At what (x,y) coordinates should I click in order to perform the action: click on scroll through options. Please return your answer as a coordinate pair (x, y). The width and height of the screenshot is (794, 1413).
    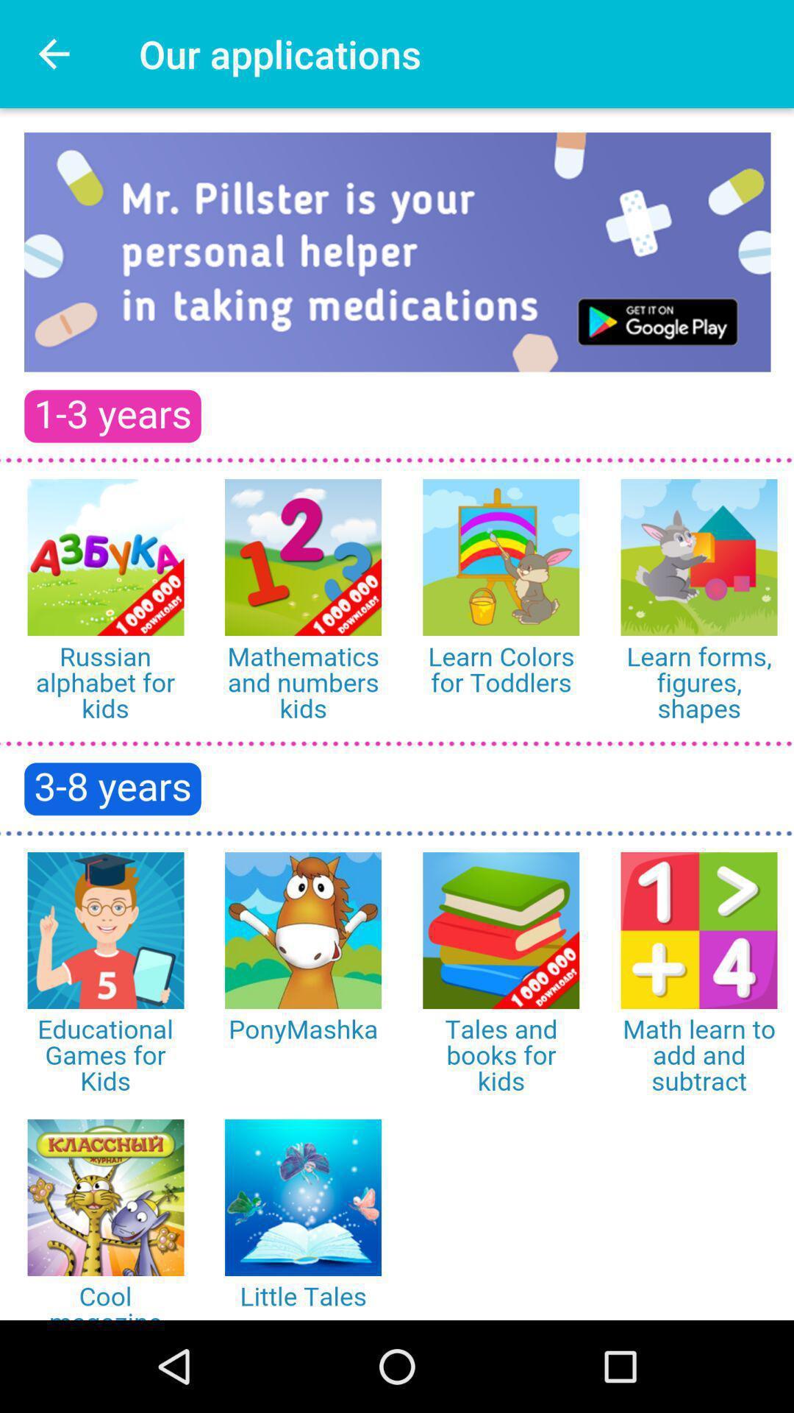
    Looking at the image, I should click on (397, 714).